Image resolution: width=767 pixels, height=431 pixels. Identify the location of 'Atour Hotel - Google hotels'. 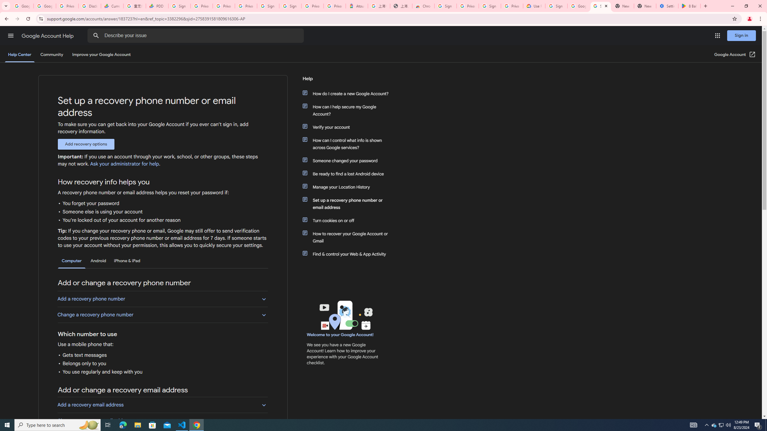
(357, 6).